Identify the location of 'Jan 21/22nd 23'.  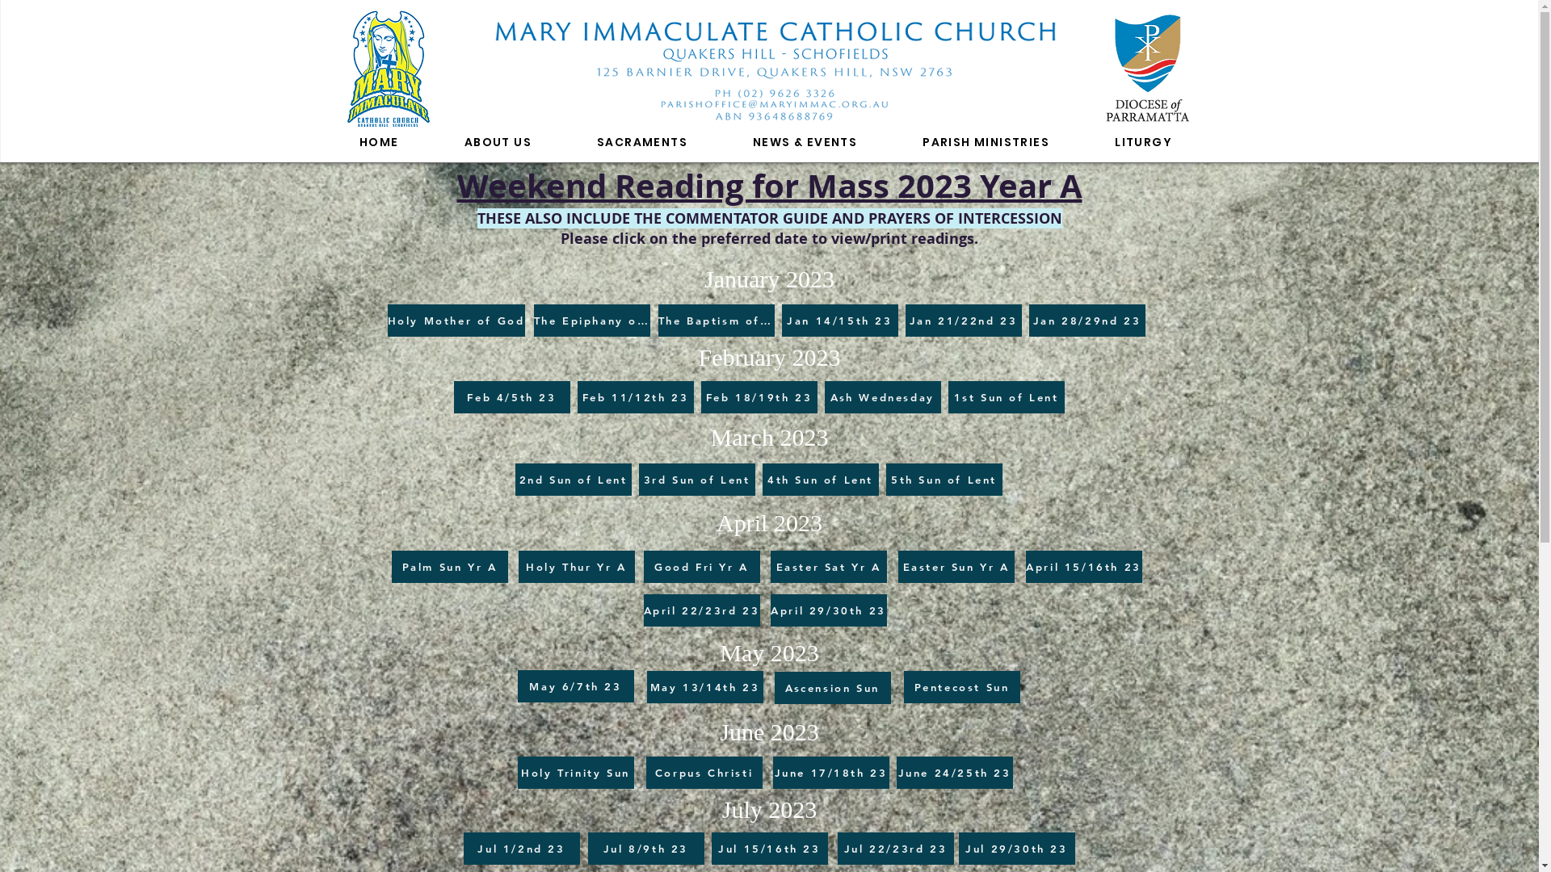
(962, 321).